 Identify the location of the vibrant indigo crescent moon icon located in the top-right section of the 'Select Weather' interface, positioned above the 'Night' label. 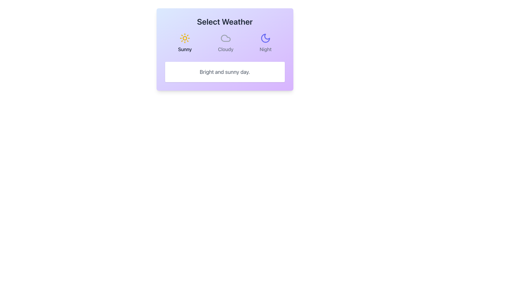
(266, 38).